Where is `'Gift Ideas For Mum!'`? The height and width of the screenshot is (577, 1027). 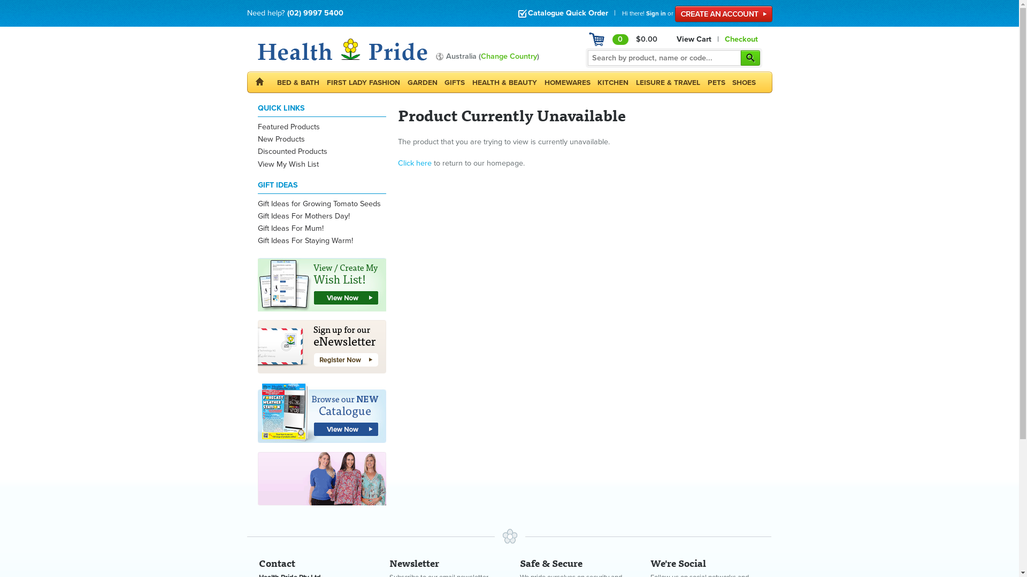 'Gift Ideas For Mum!' is located at coordinates (257, 228).